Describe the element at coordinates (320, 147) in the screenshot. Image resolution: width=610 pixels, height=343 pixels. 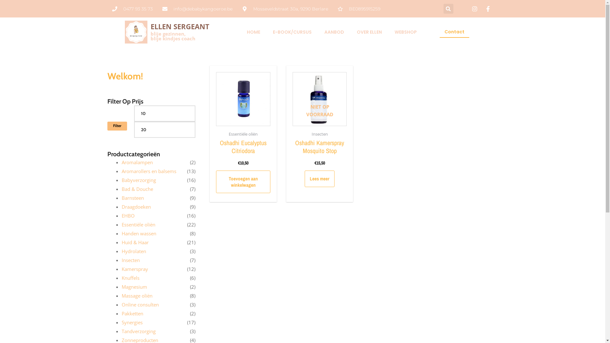
I see `'Oshadhi Kamerspray Mosquito Stop'` at that location.